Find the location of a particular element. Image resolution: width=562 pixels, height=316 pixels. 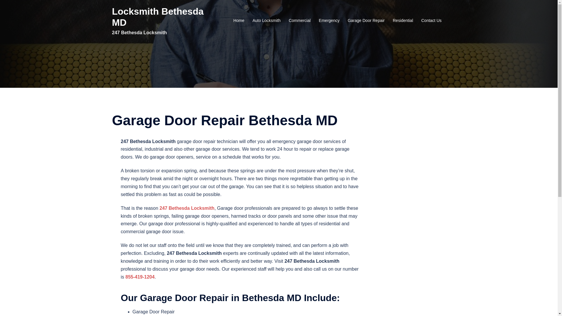

'Auto Locksmith' is located at coordinates (253, 20).